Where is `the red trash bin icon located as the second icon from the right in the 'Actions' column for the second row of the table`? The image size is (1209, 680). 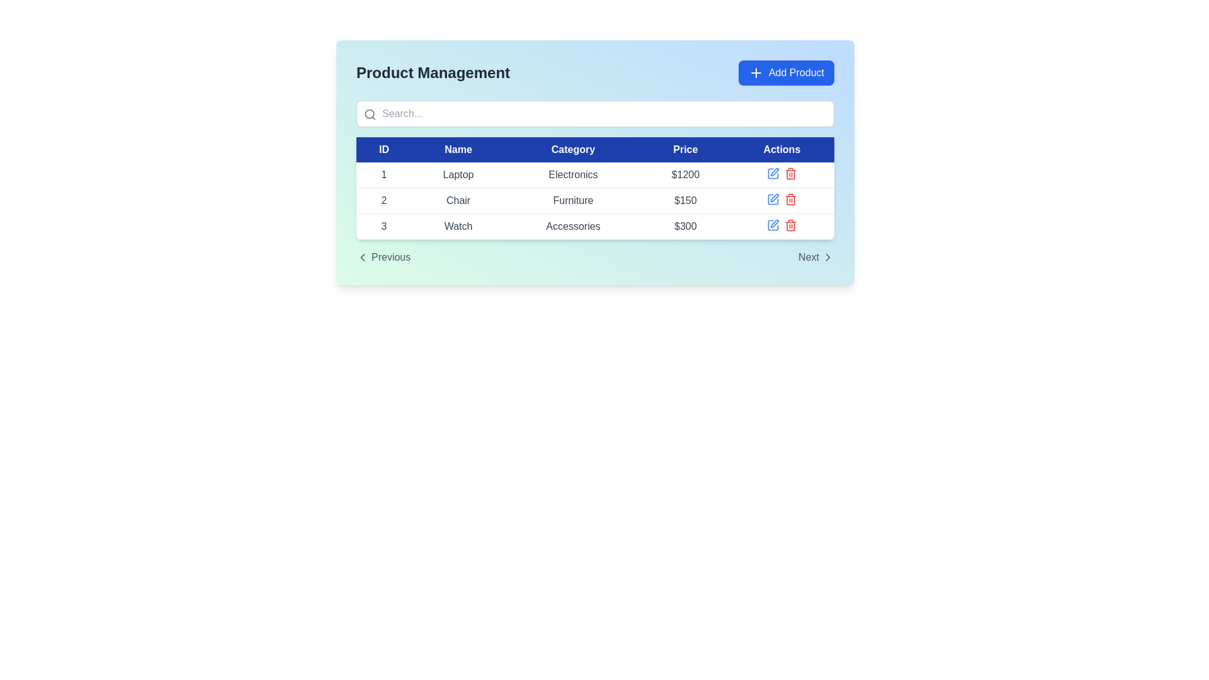
the red trash bin icon located as the second icon from the right in the 'Actions' column for the second row of the table is located at coordinates (790, 198).